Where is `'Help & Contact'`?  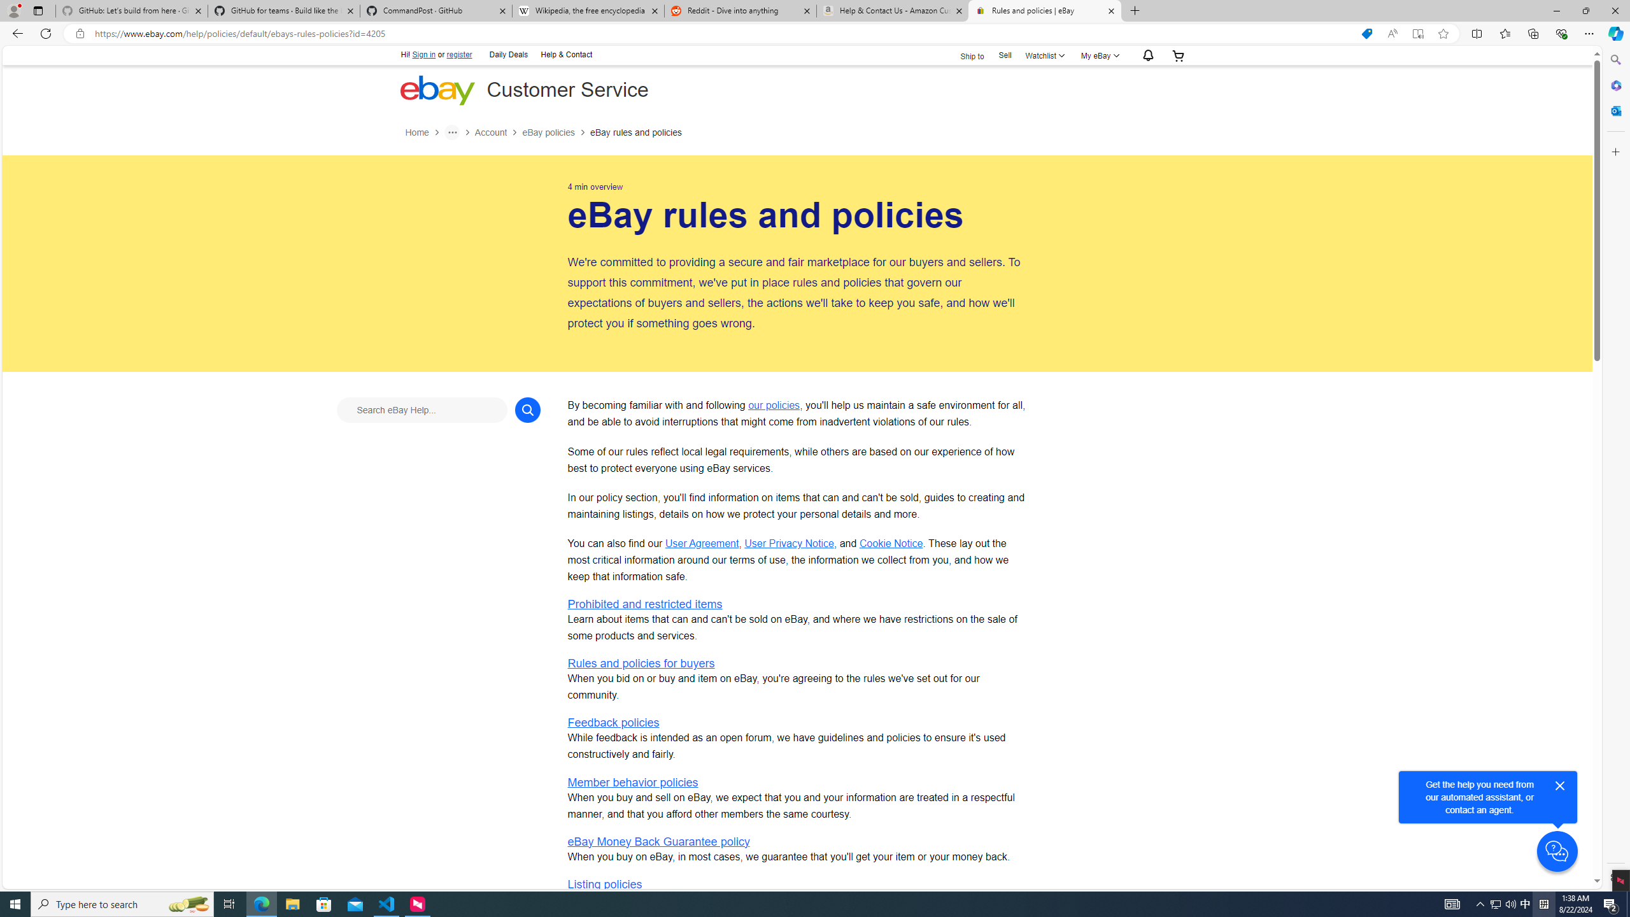 'Help & Contact' is located at coordinates (565, 55).